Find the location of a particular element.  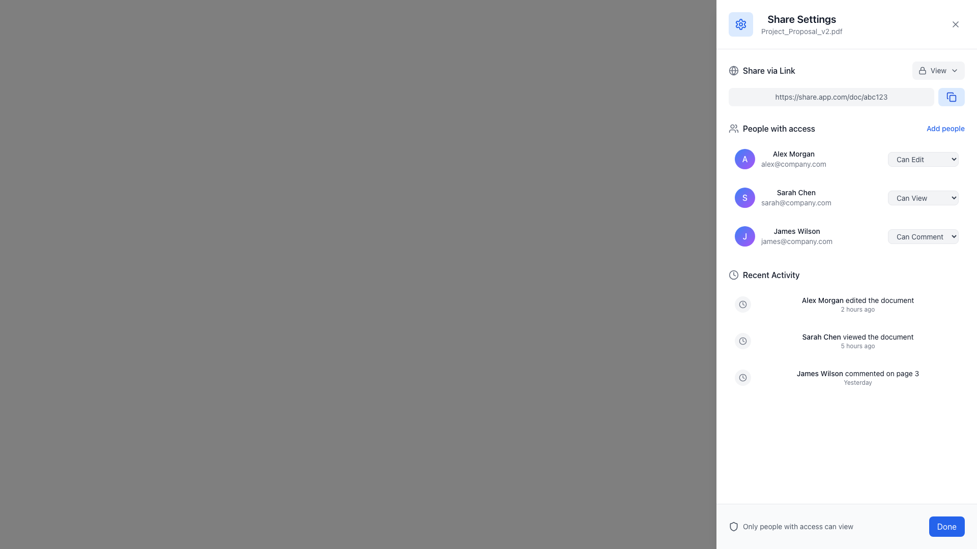

the dropdown menu trigger in the upper-right section of the share settings dialog box is located at coordinates (938, 70).